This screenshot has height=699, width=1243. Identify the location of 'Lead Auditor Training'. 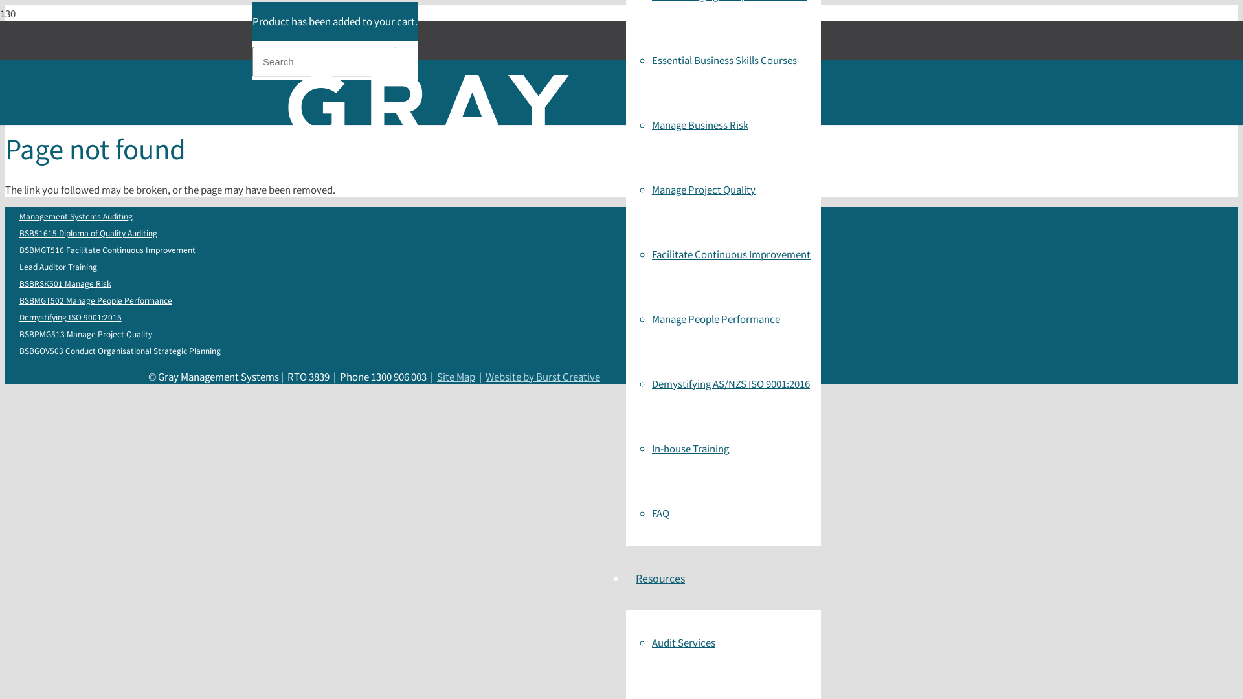
(57, 265).